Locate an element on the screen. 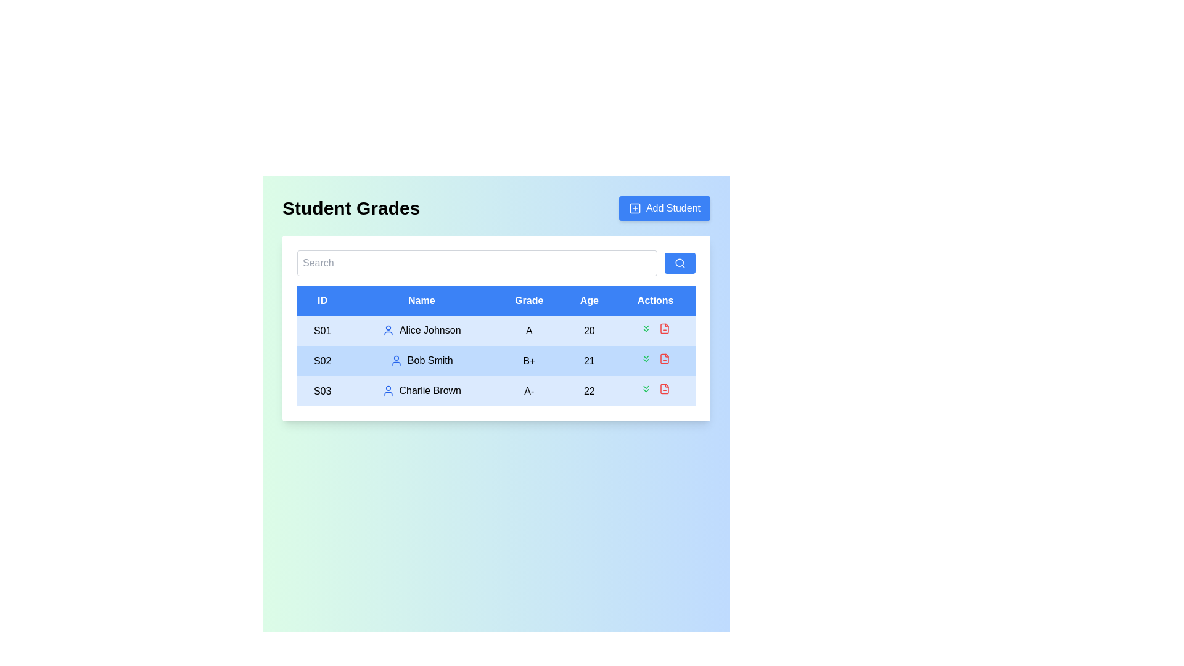  the Table Header Cell labeled 'Name', which is a rectangular cell with white text on a blue background, located in the header row of the table is located at coordinates (421, 301).